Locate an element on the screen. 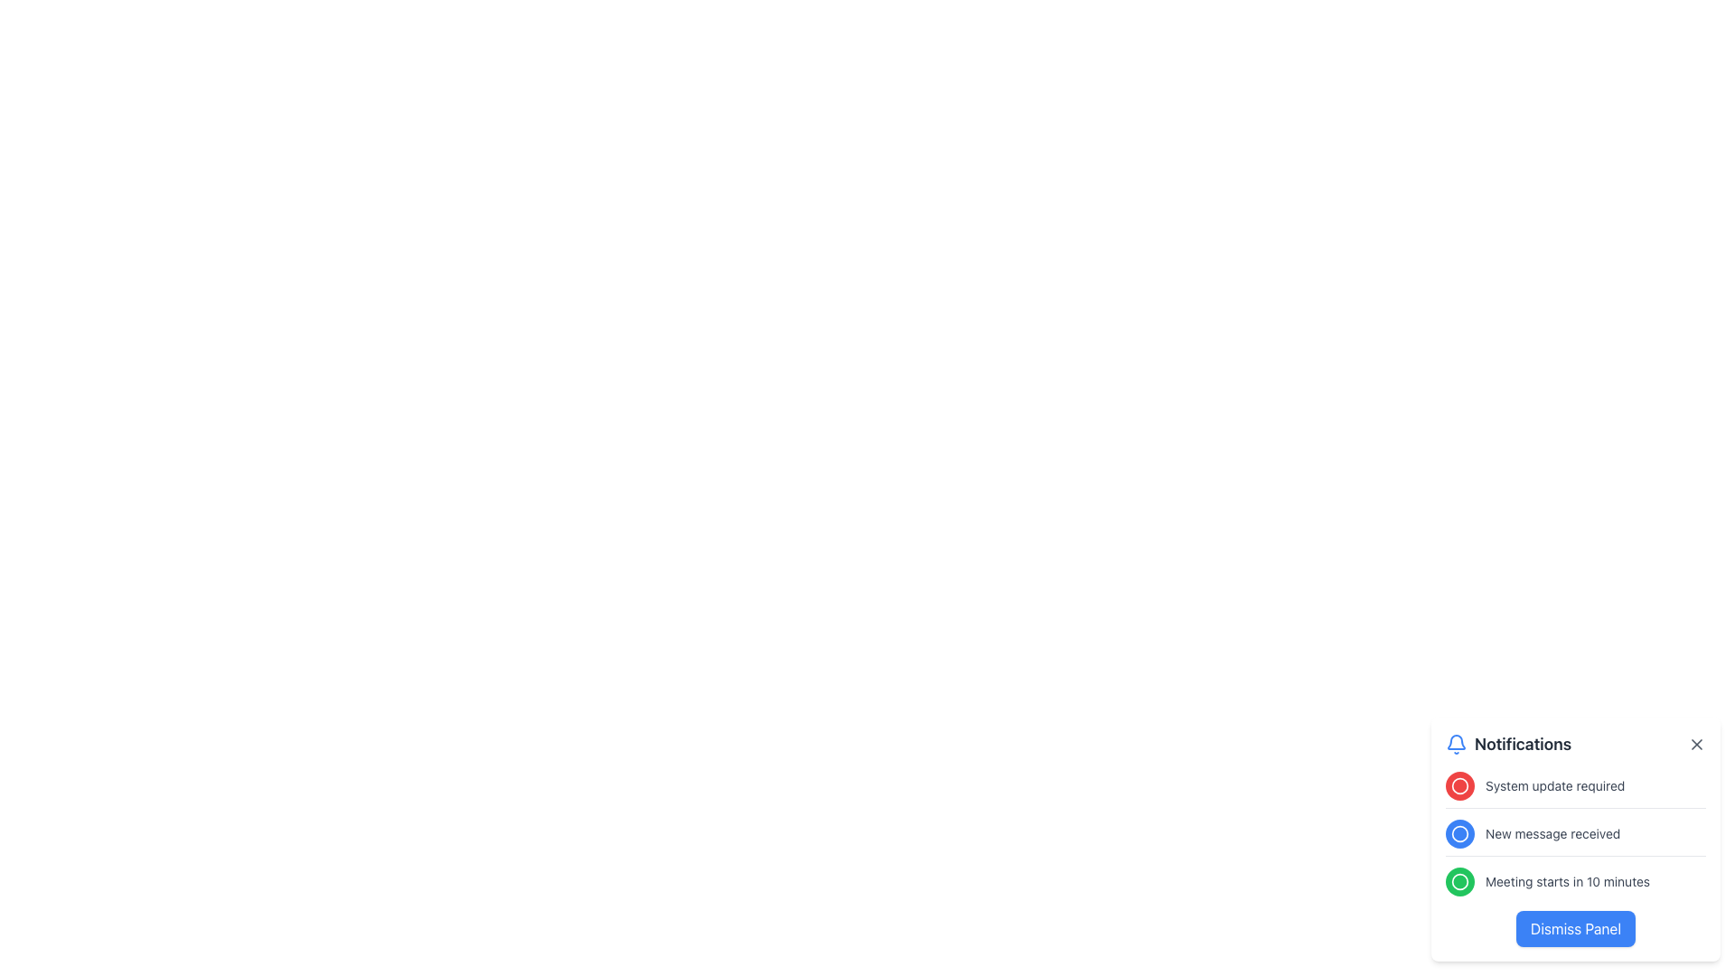 Image resolution: width=1735 pixels, height=976 pixels. the circular graphic icon associated with the notification titled 'New message received' in the notification panel is located at coordinates (1460, 833).